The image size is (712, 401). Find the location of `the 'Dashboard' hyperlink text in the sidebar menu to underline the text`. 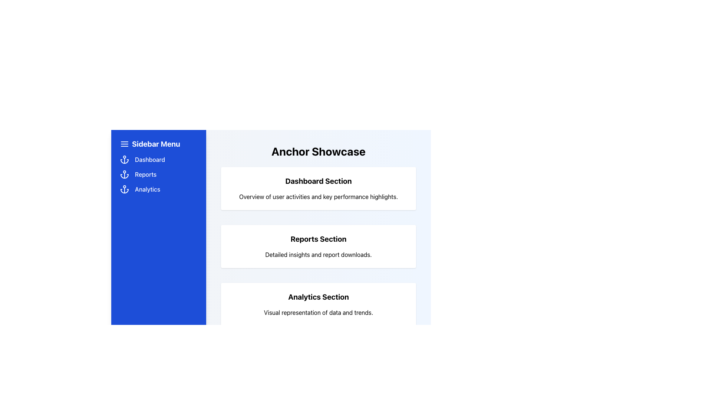

the 'Dashboard' hyperlink text in the sidebar menu to underline the text is located at coordinates (149, 159).